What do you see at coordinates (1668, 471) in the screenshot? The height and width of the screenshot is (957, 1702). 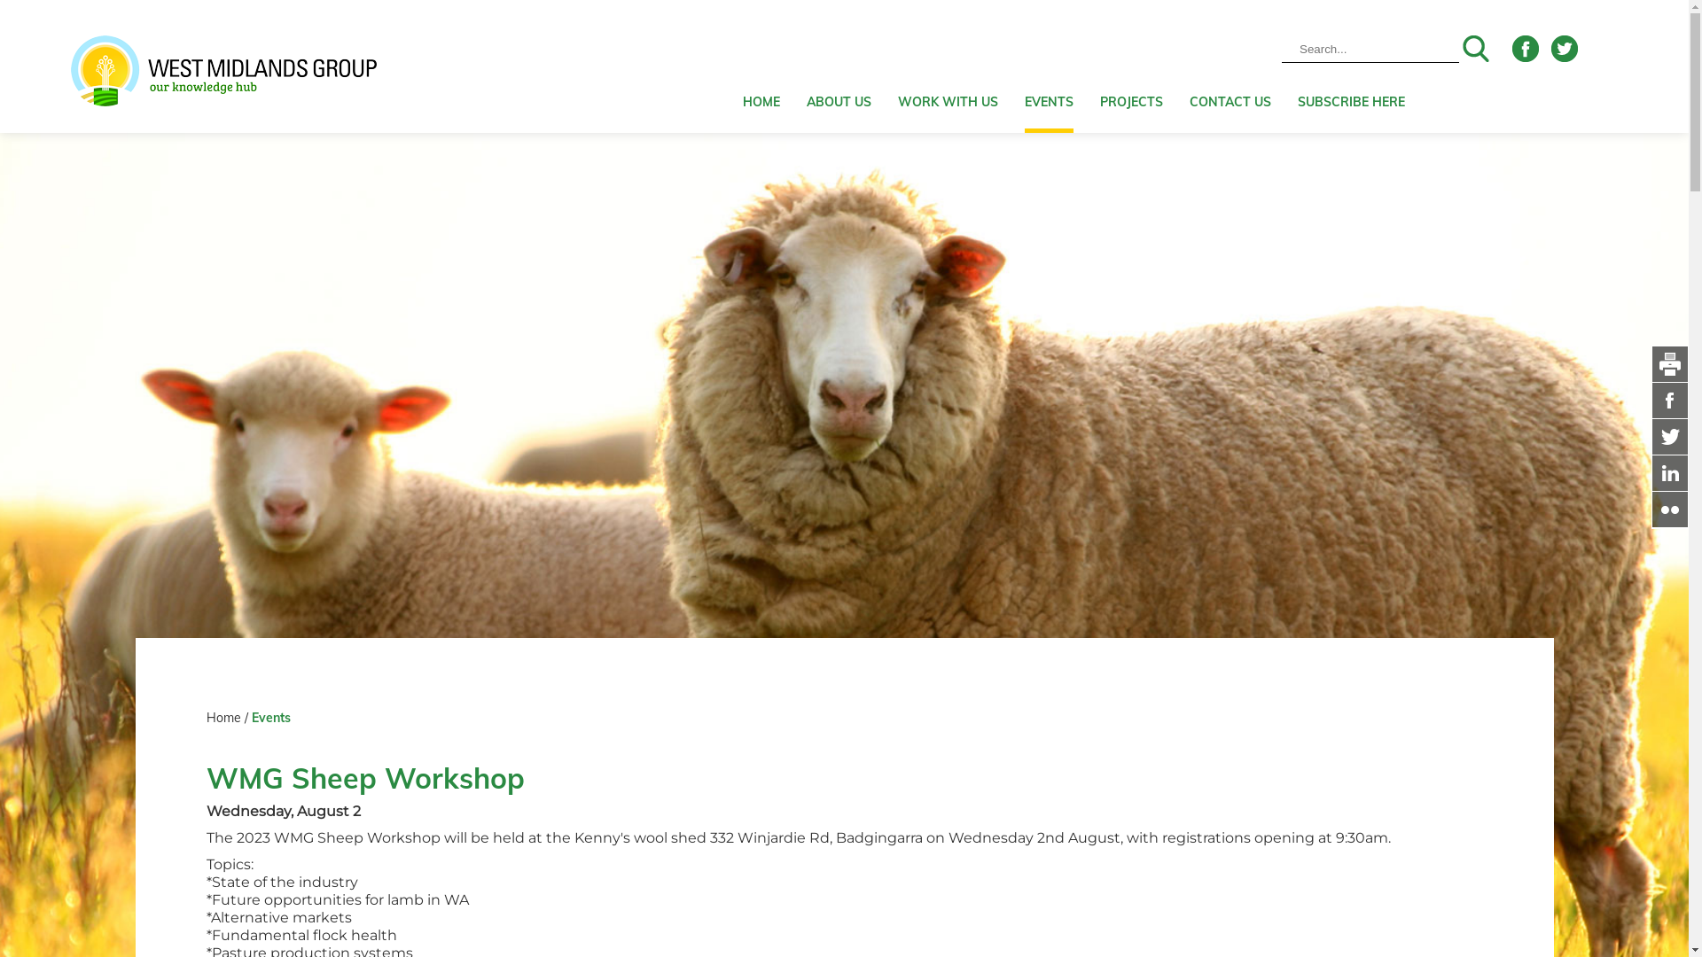 I see `' '` at bounding box center [1668, 471].